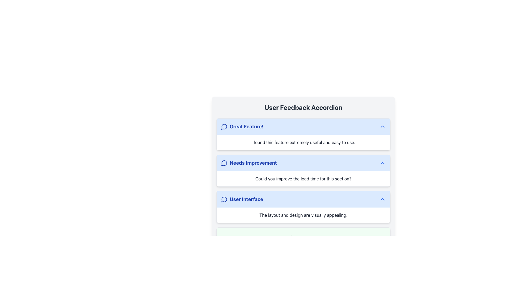  I want to click on the circular speech bubble icon located to the left of the 'User Interface' section title in the third feedback section, so click(224, 199).